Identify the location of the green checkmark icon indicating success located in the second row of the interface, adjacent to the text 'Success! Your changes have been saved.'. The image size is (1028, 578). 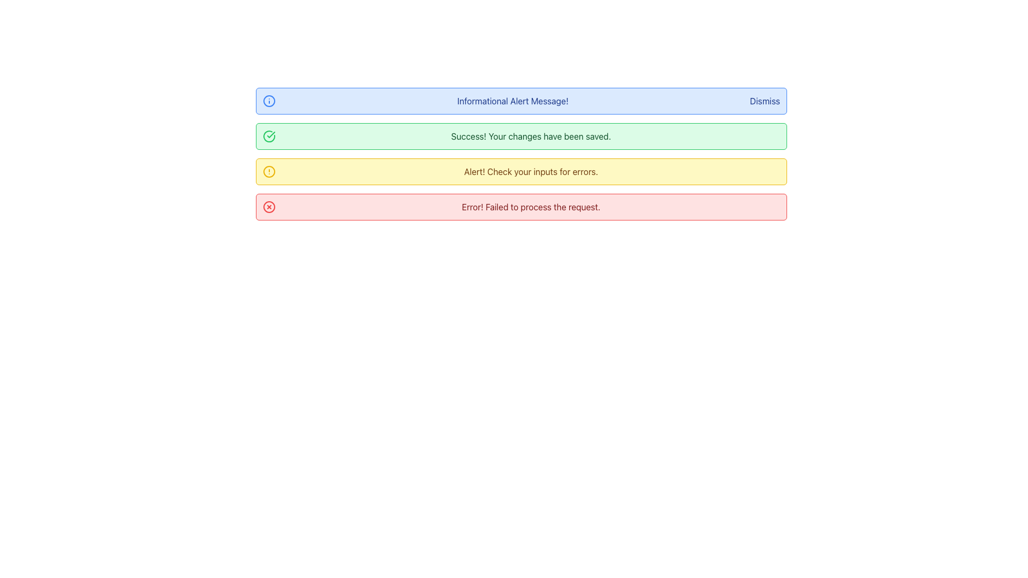
(271, 134).